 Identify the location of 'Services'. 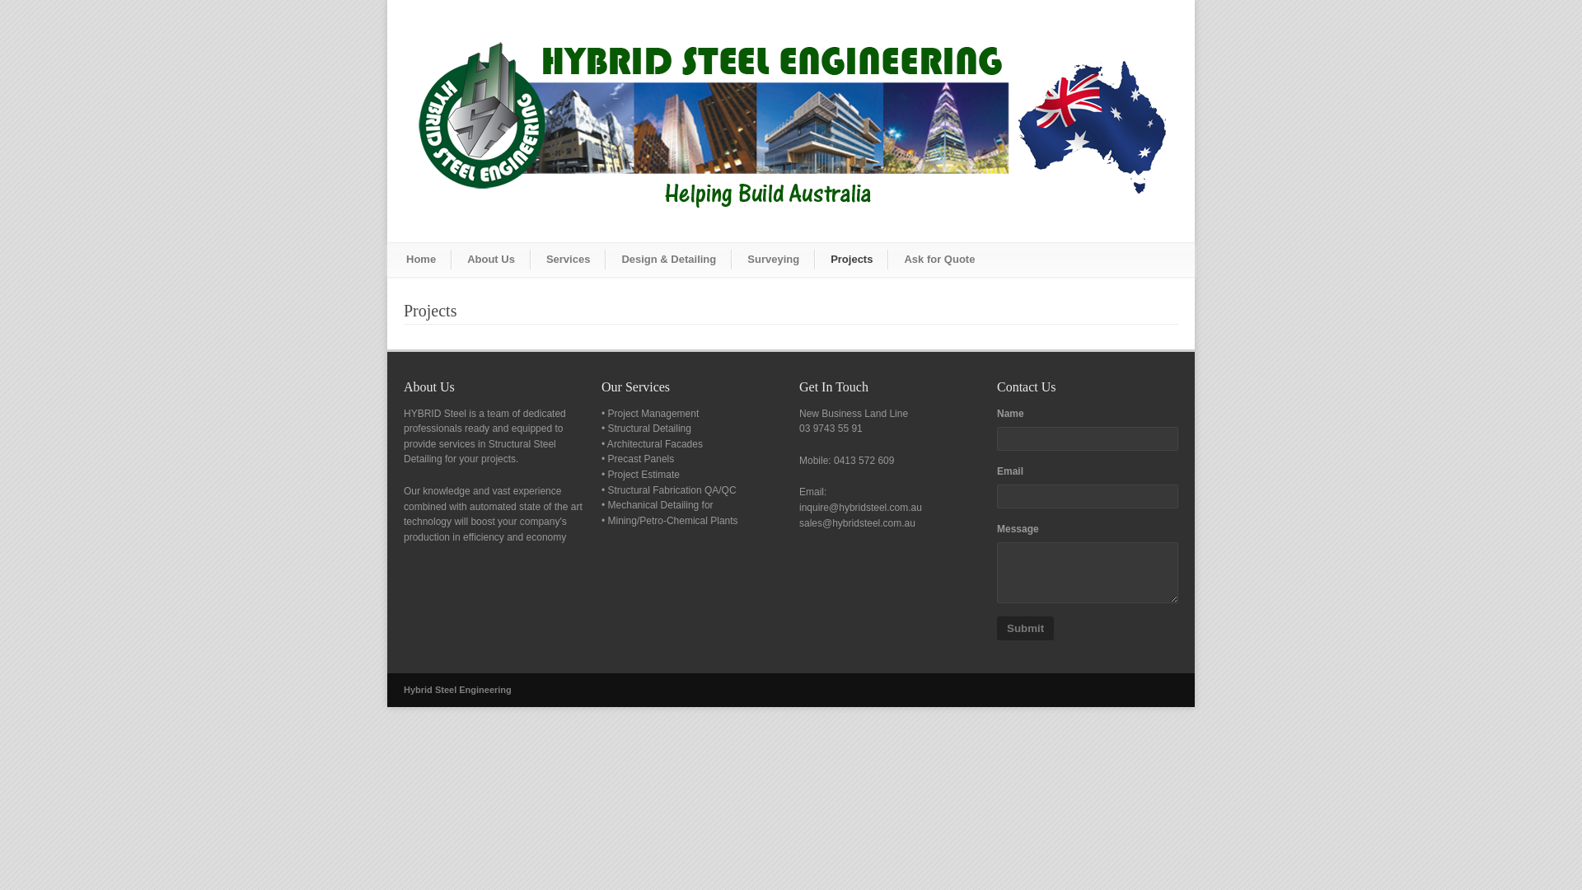
(530, 260).